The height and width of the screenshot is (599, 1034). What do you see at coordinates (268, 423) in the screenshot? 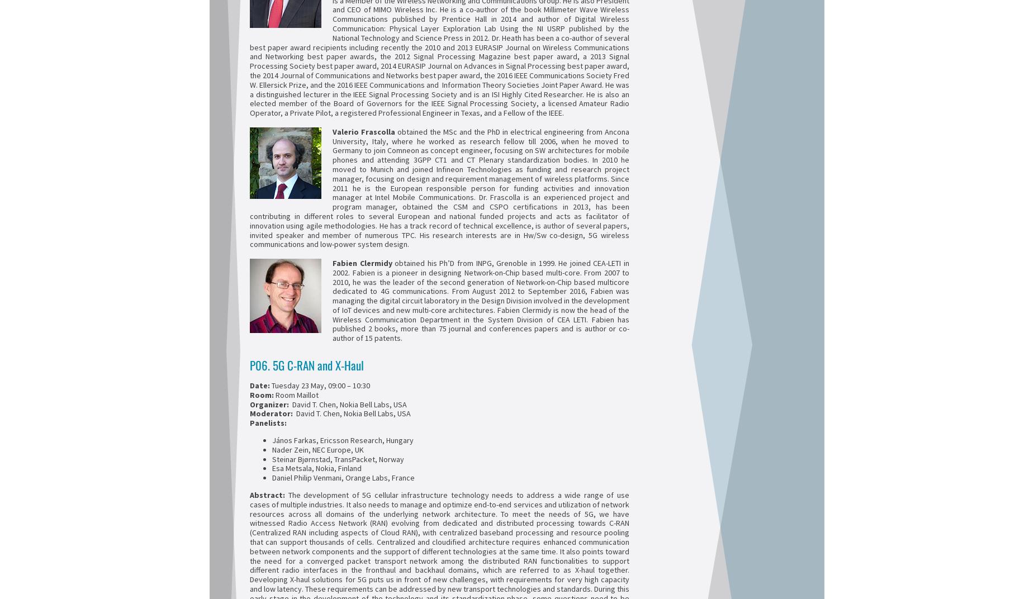
I see `'Panelists:'` at bounding box center [268, 423].